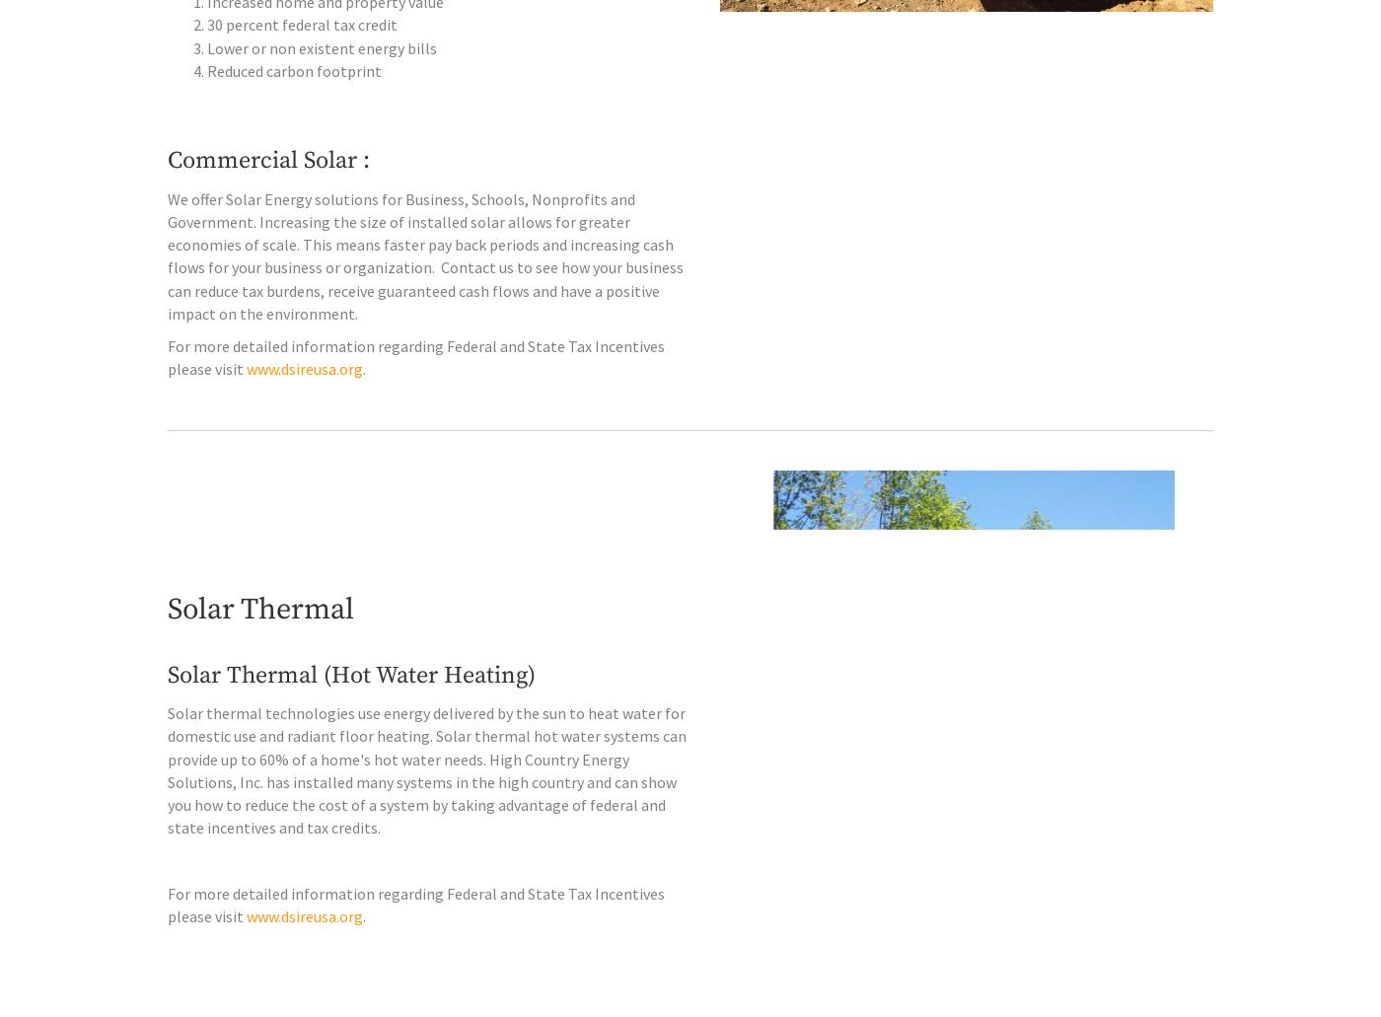 This screenshot has width=1381, height=1017. I want to click on 'Commercial Solar :', so click(268, 200).